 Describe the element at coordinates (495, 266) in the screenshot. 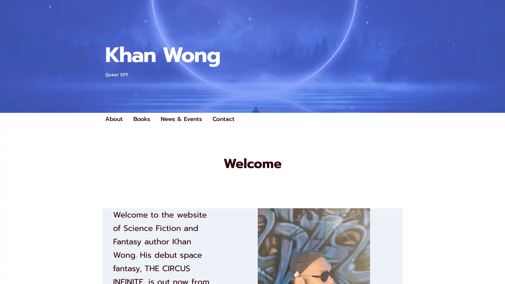

I see `Scroll to top` at that location.